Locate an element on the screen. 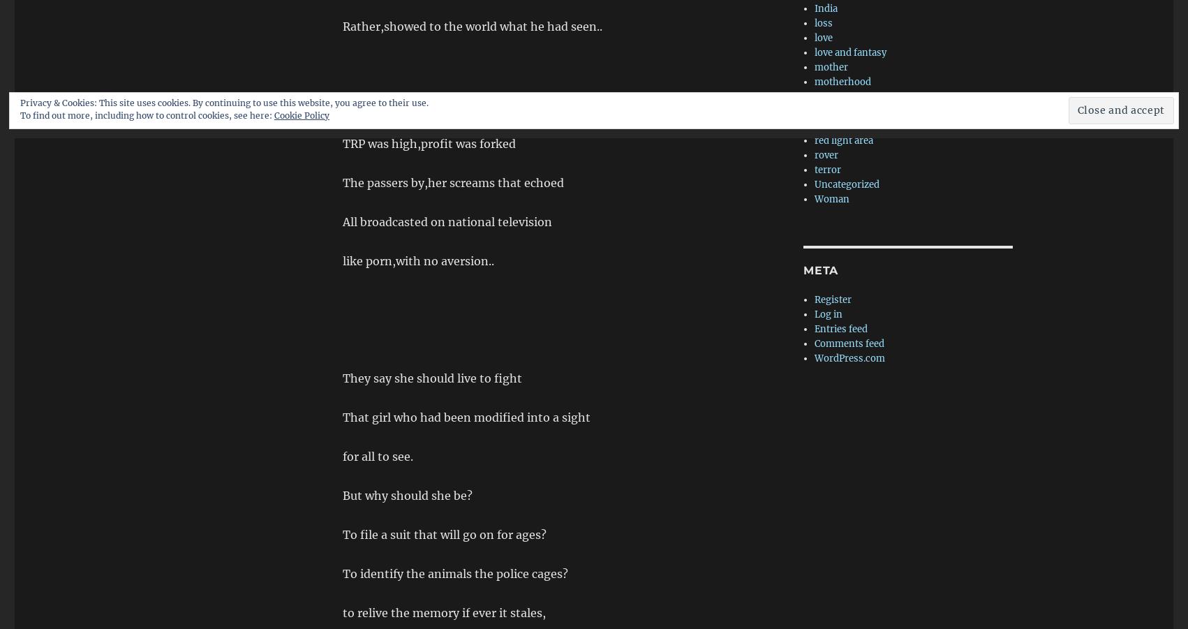 This screenshot has height=629, width=1188. 'prospective' is located at coordinates (840, 96).